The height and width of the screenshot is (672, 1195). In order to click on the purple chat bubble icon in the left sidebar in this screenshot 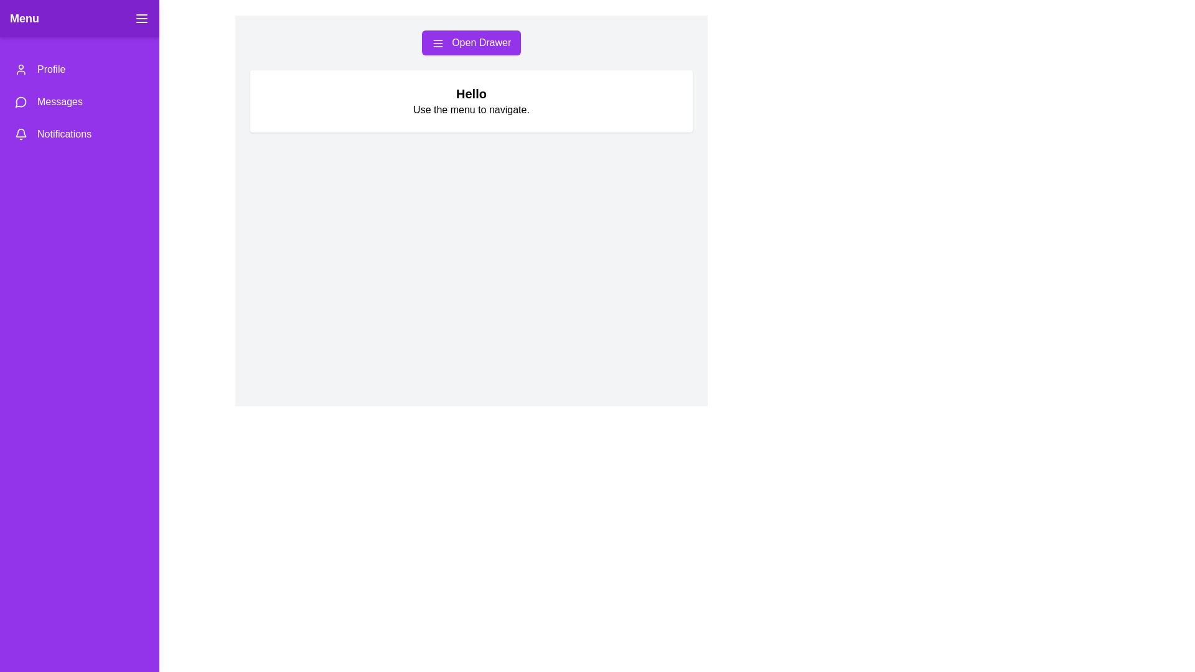, I will do `click(21, 101)`.